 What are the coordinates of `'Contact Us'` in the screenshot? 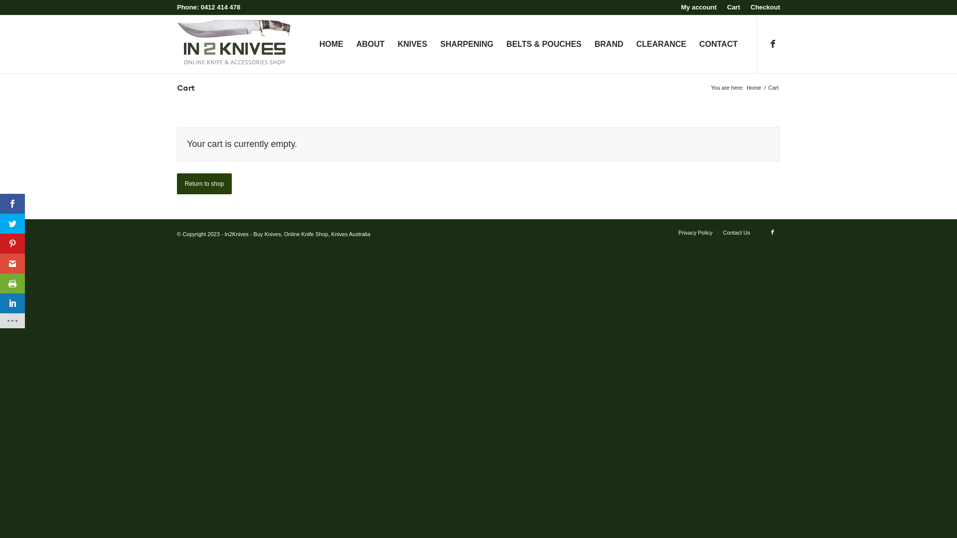 It's located at (723, 232).